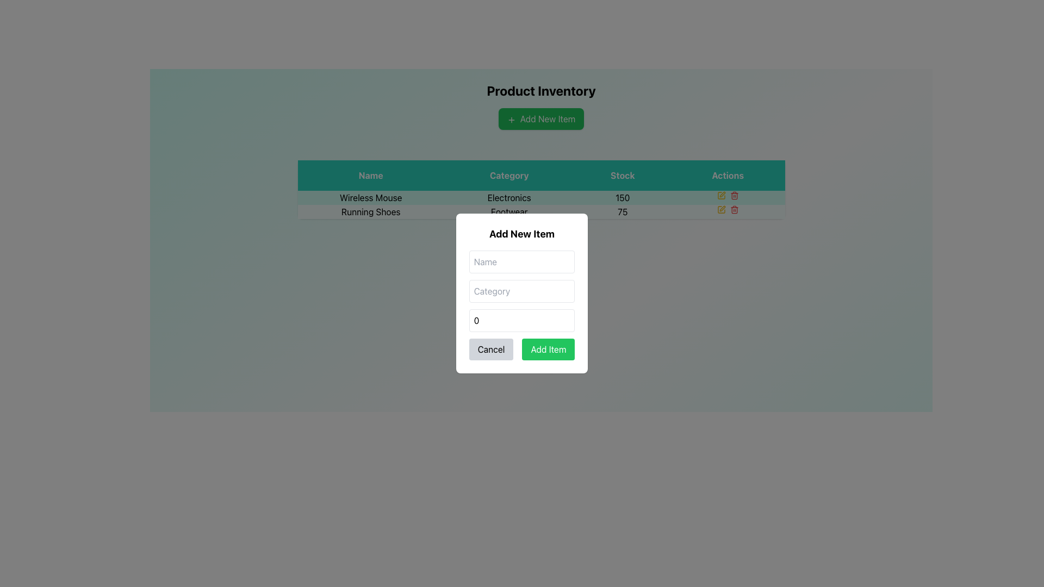 The image size is (1044, 587). Describe the element at coordinates (722, 209) in the screenshot. I see `the edit icon located in the rightmost 'Actions' column of the table associated with the 'Running Shoes' item in the second row` at that location.